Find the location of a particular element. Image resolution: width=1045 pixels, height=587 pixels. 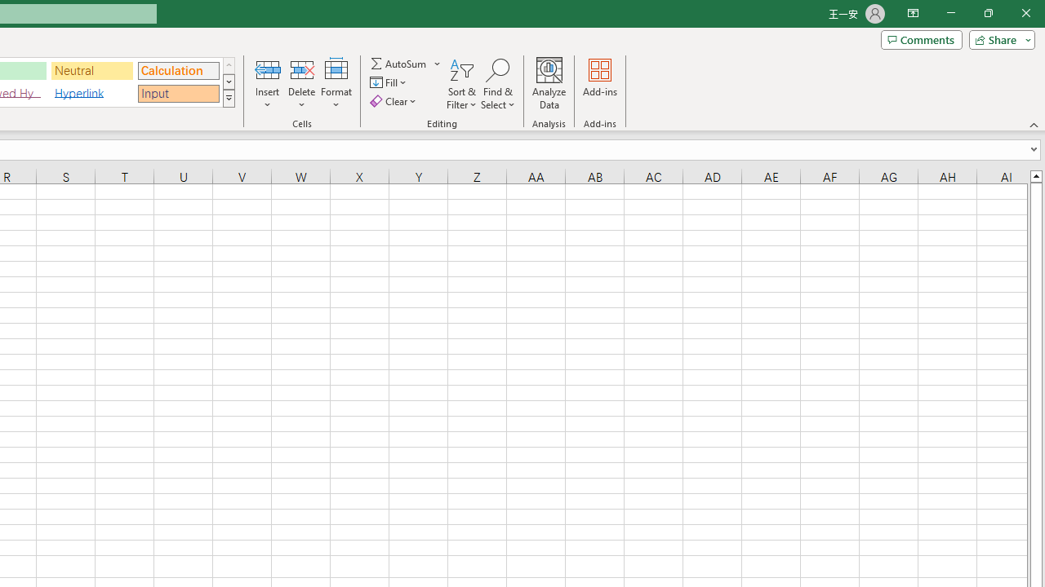

'Clear' is located at coordinates (394, 101).